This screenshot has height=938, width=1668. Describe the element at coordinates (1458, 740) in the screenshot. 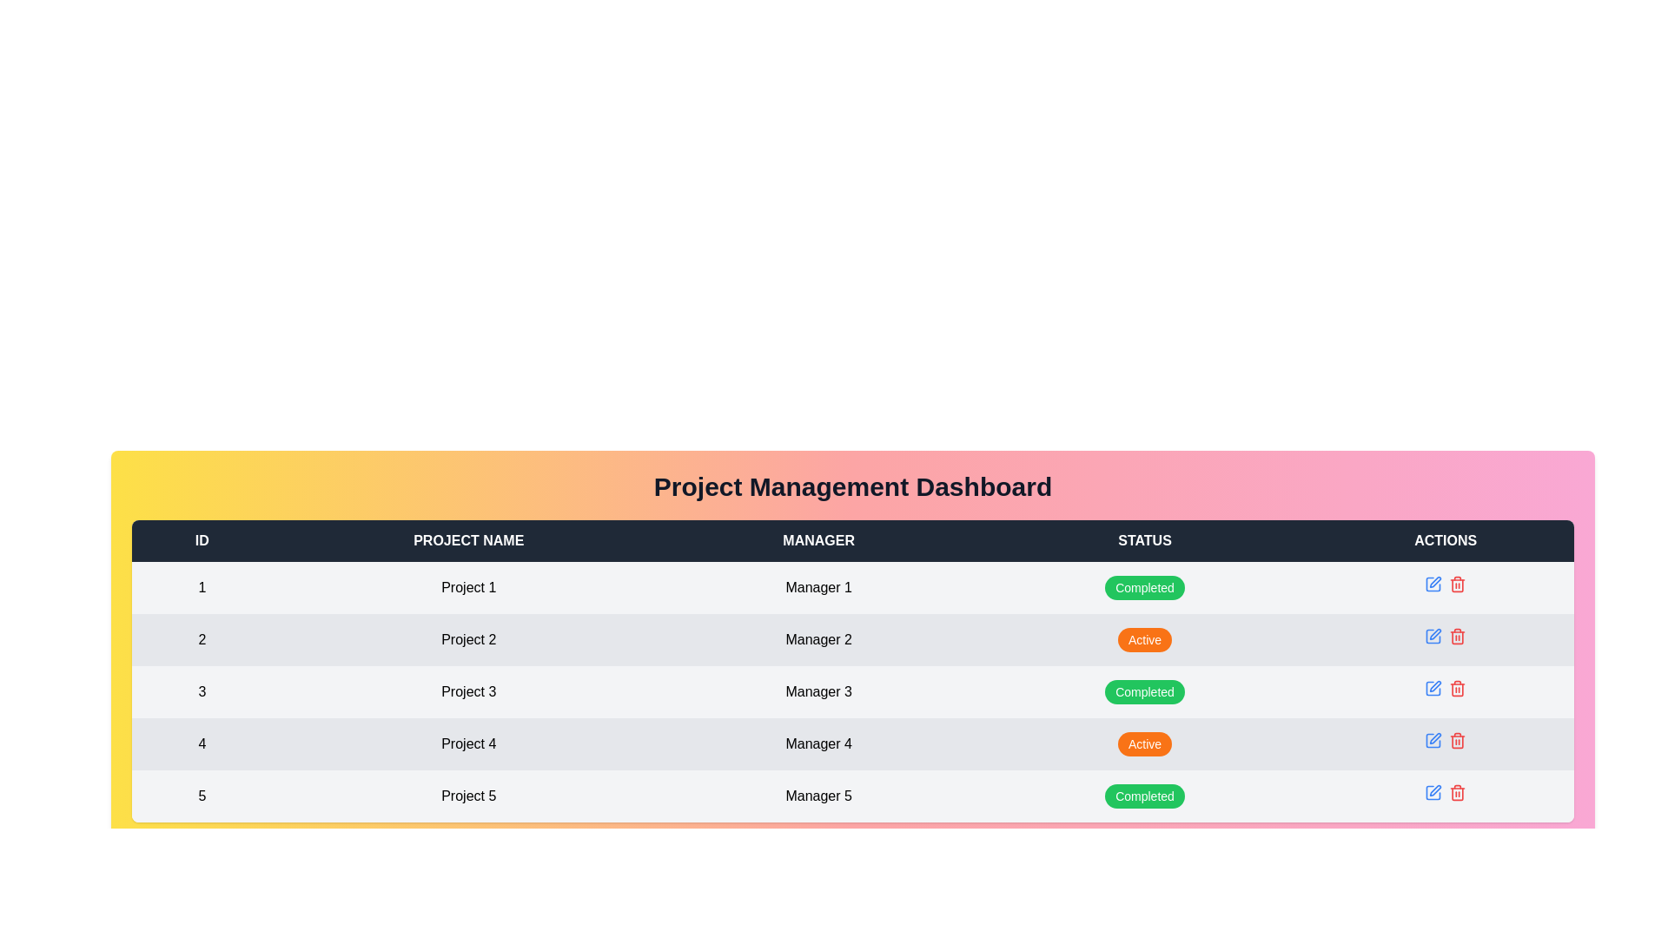

I see `the red trash bin icon in the 'Actions' column of the last row in the table to initiate a deletion action` at that location.